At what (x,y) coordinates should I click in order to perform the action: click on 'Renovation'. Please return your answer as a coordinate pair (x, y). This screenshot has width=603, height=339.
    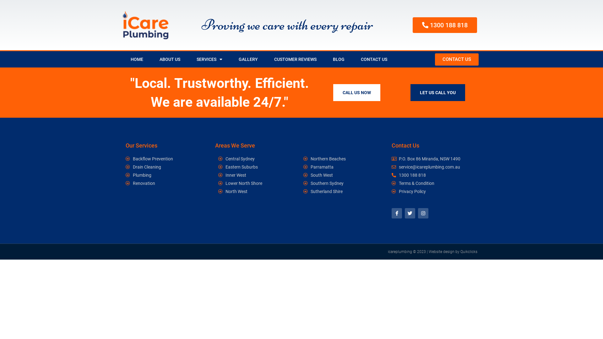
    Looking at the image, I should click on (155, 183).